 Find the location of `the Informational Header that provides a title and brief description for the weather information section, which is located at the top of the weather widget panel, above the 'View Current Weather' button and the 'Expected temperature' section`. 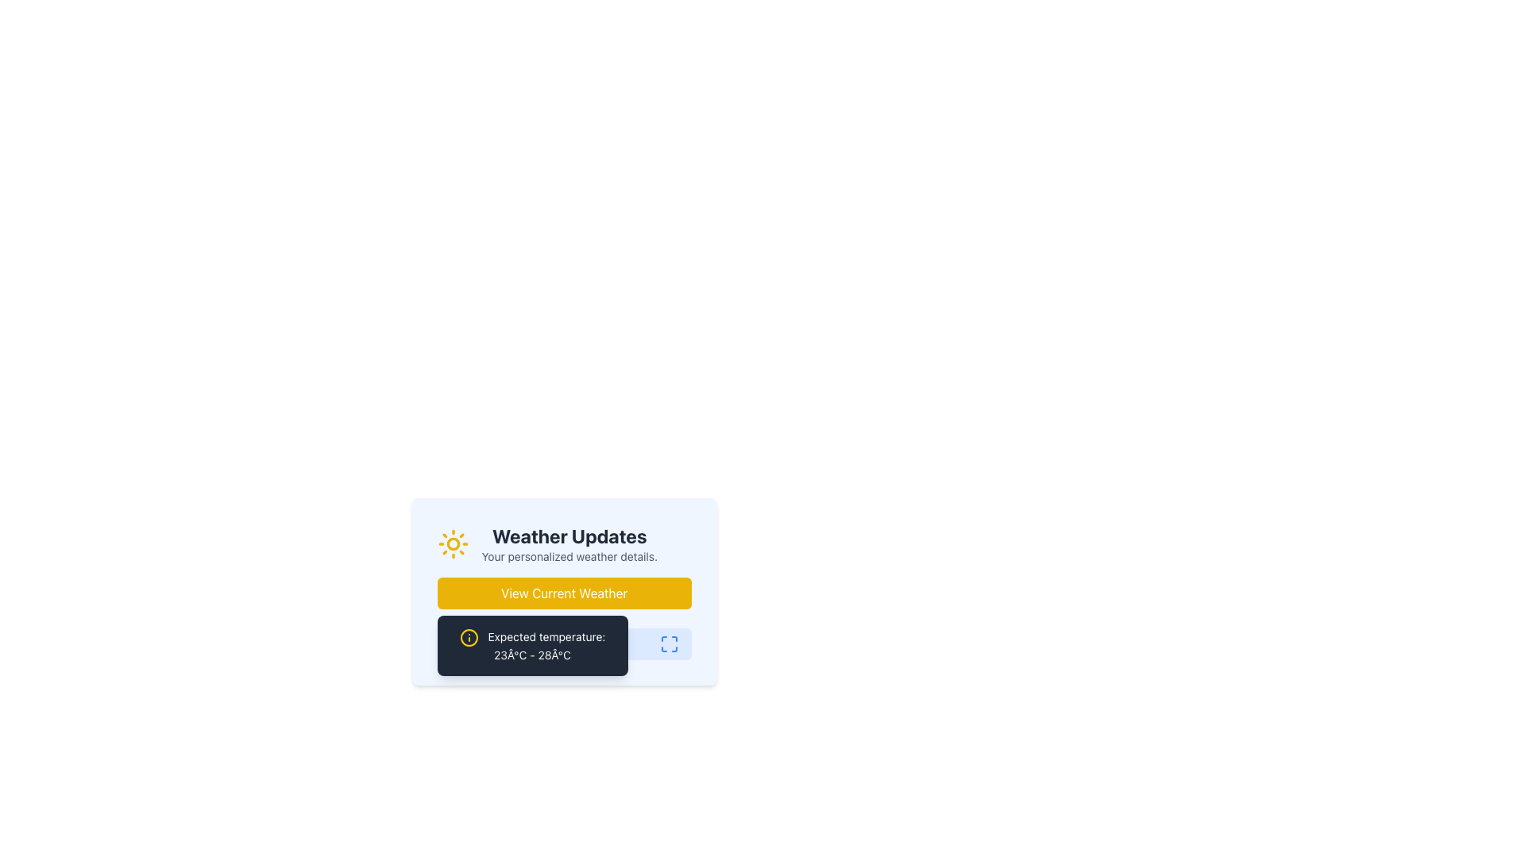

the Informational Header that provides a title and brief description for the weather information section, which is located at the top of the weather widget panel, above the 'View Current Weather' button and the 'Expected temperature' section is located at coordinates (564, 543).